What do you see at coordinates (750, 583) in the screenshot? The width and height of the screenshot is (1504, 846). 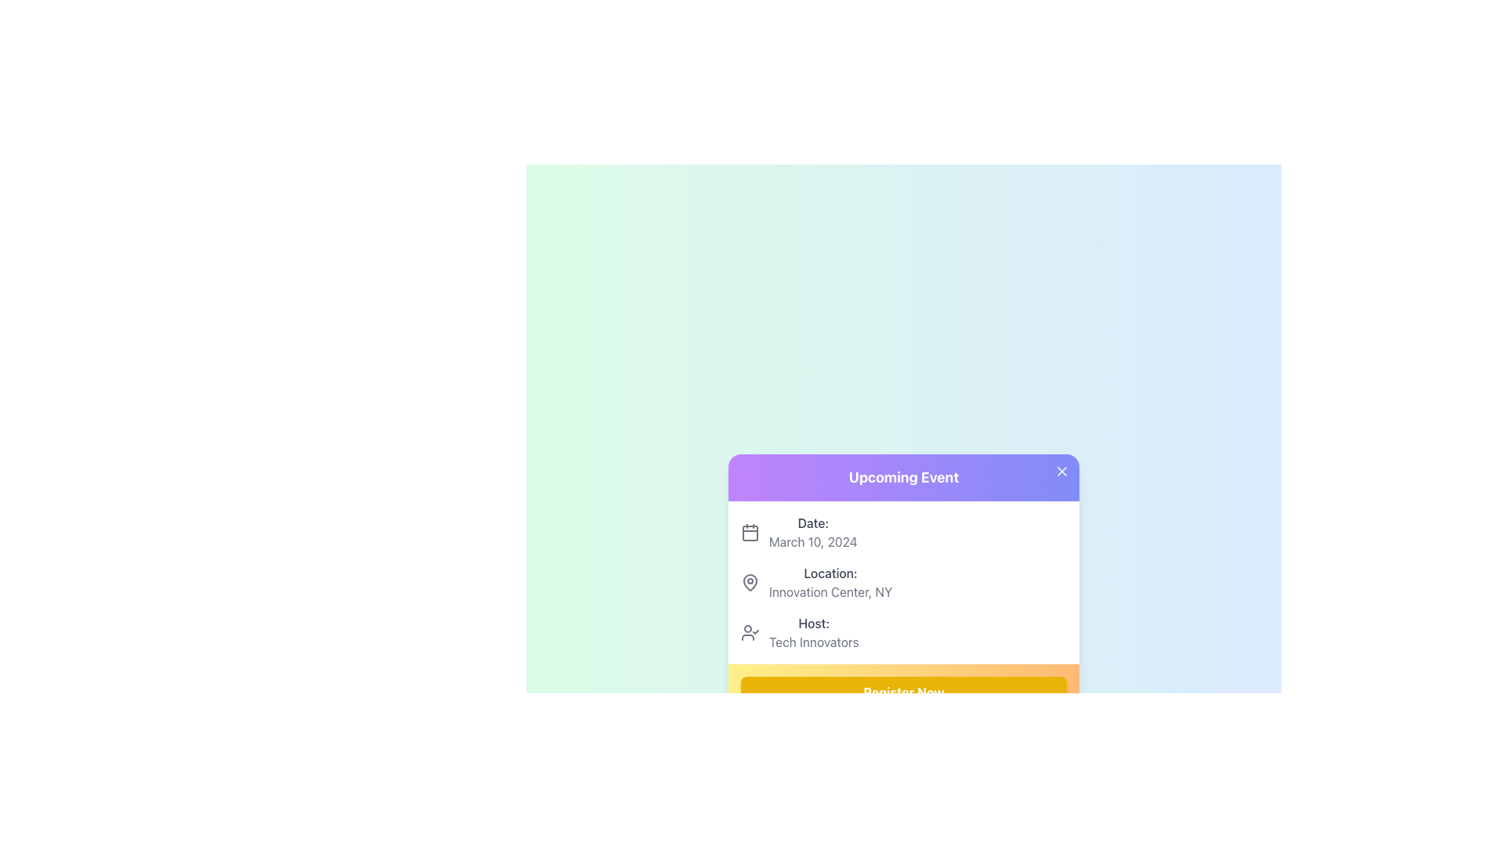 I see `the pin icon that visually represents the location information in the event details card, positioned to the left of the 'Location:' label` at bounding box center [750, 583].